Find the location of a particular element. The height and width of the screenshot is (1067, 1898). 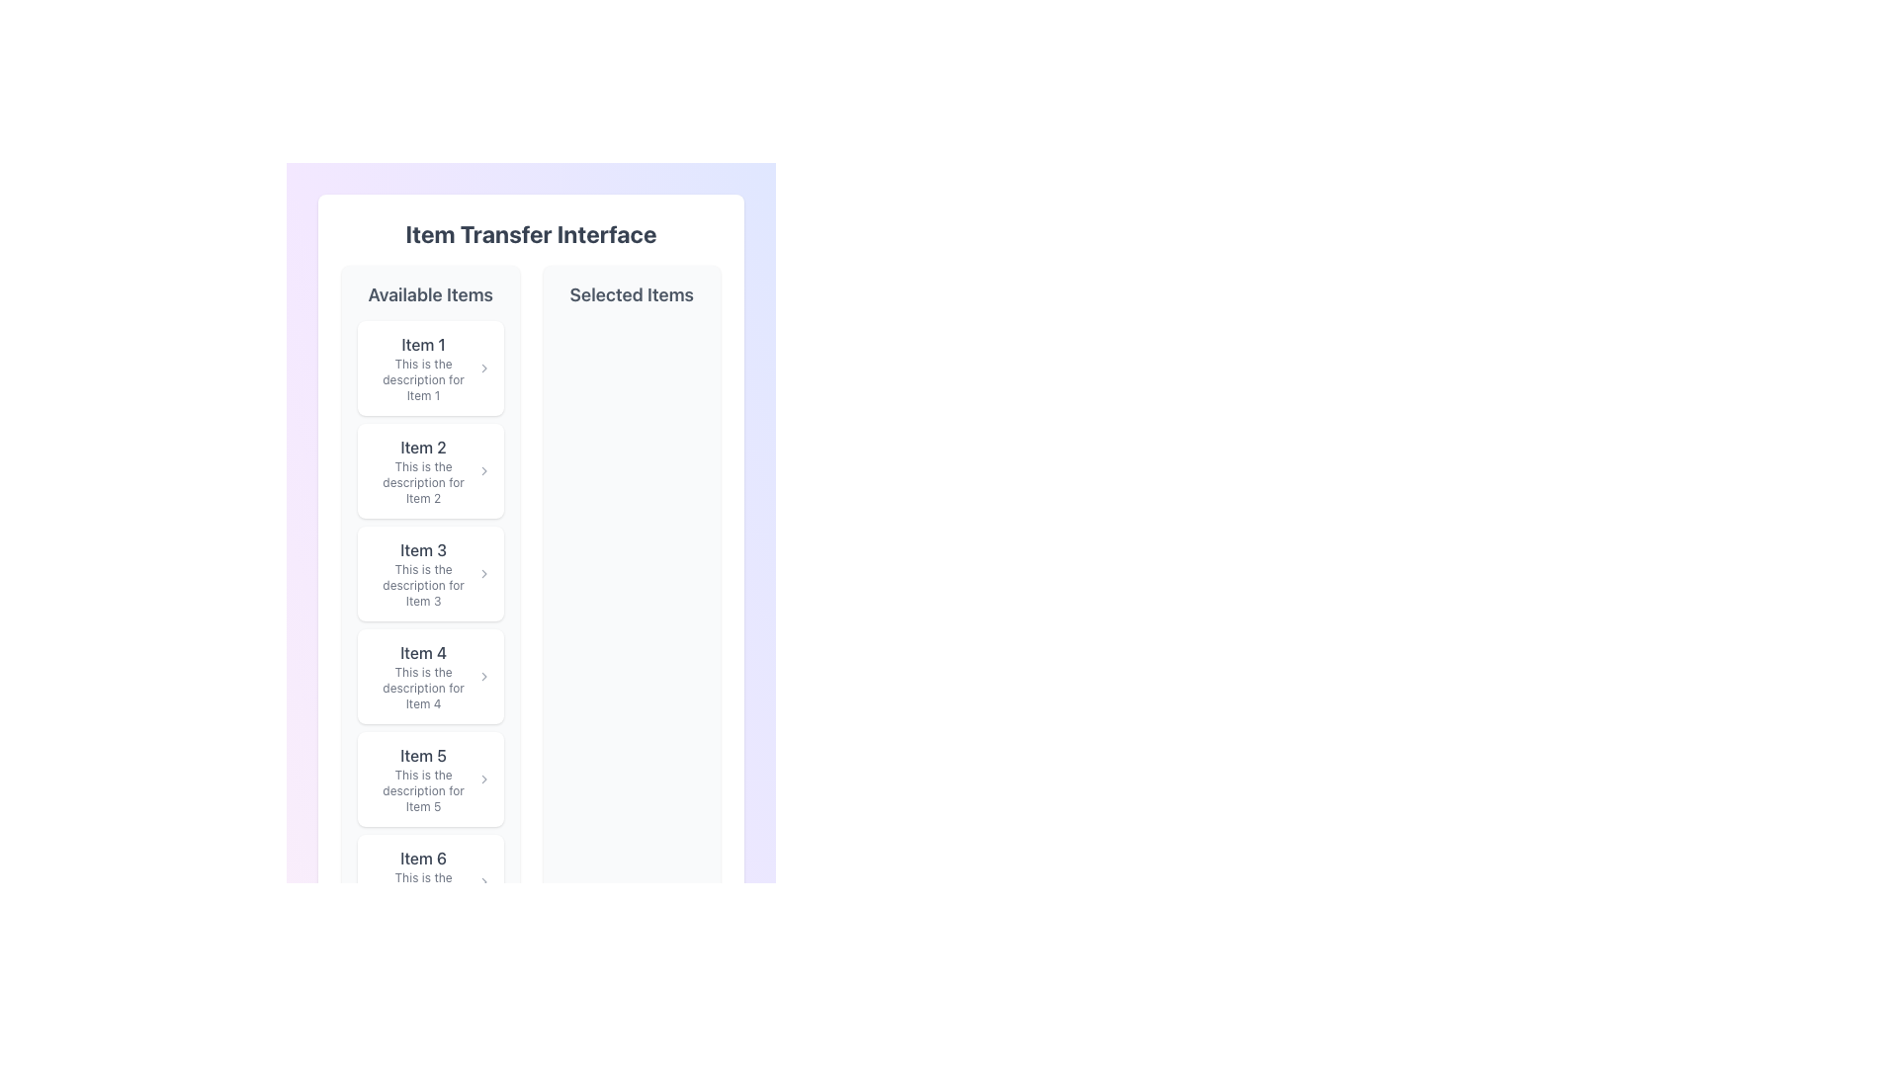

the heading text that provides users with a clear understanding of the functionality or purpose of the interface section is located at coordinates (531, 232).